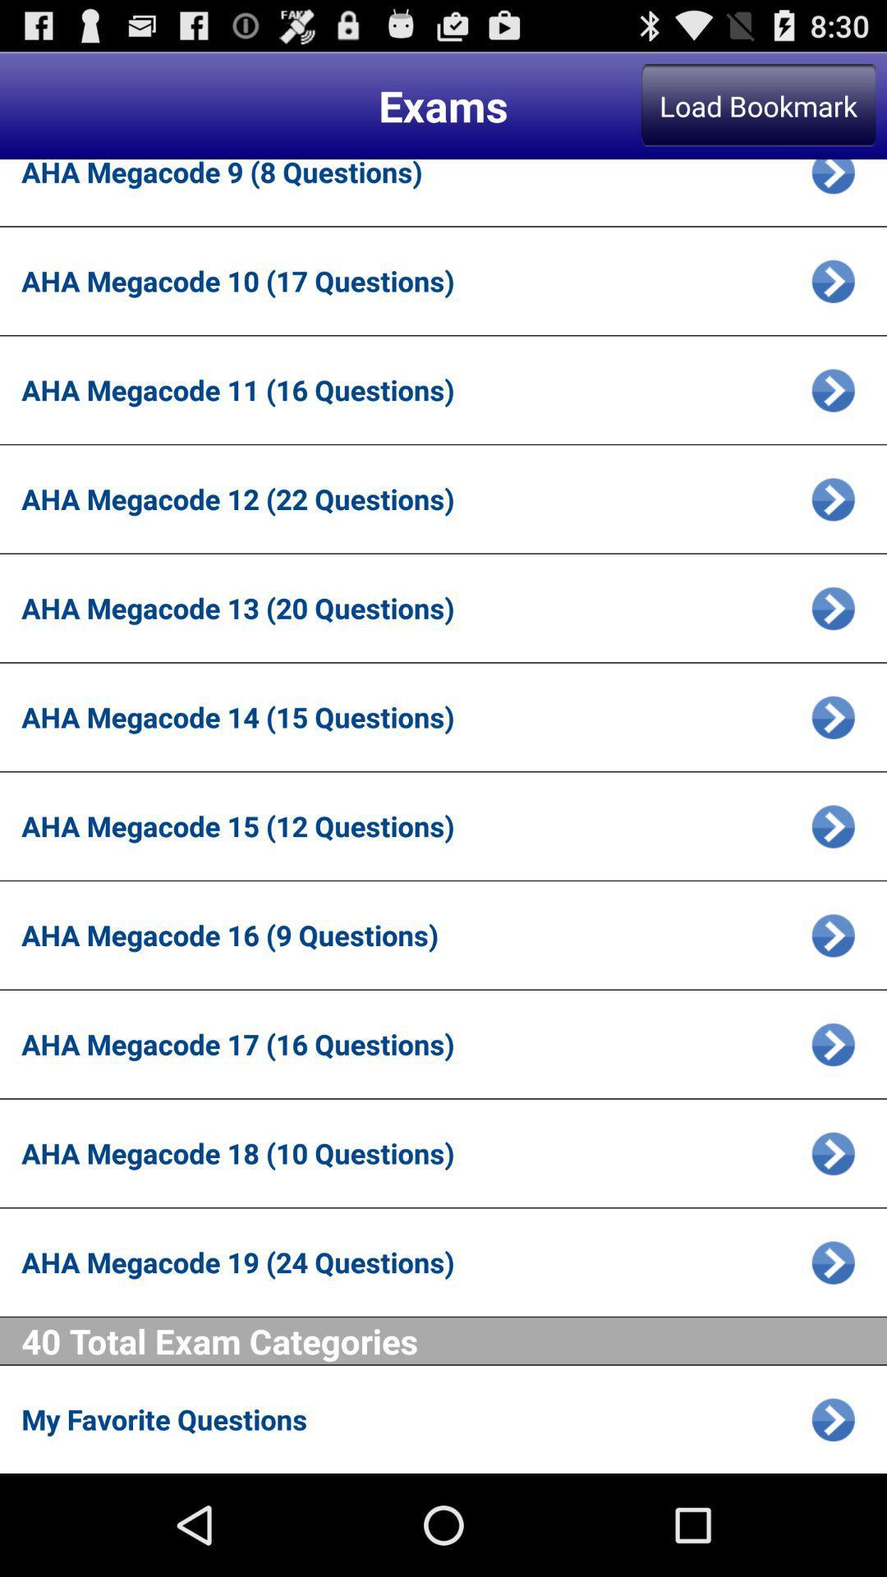 This screenshot has height=1577, width=887. I want to click on view, so click(833, 826).